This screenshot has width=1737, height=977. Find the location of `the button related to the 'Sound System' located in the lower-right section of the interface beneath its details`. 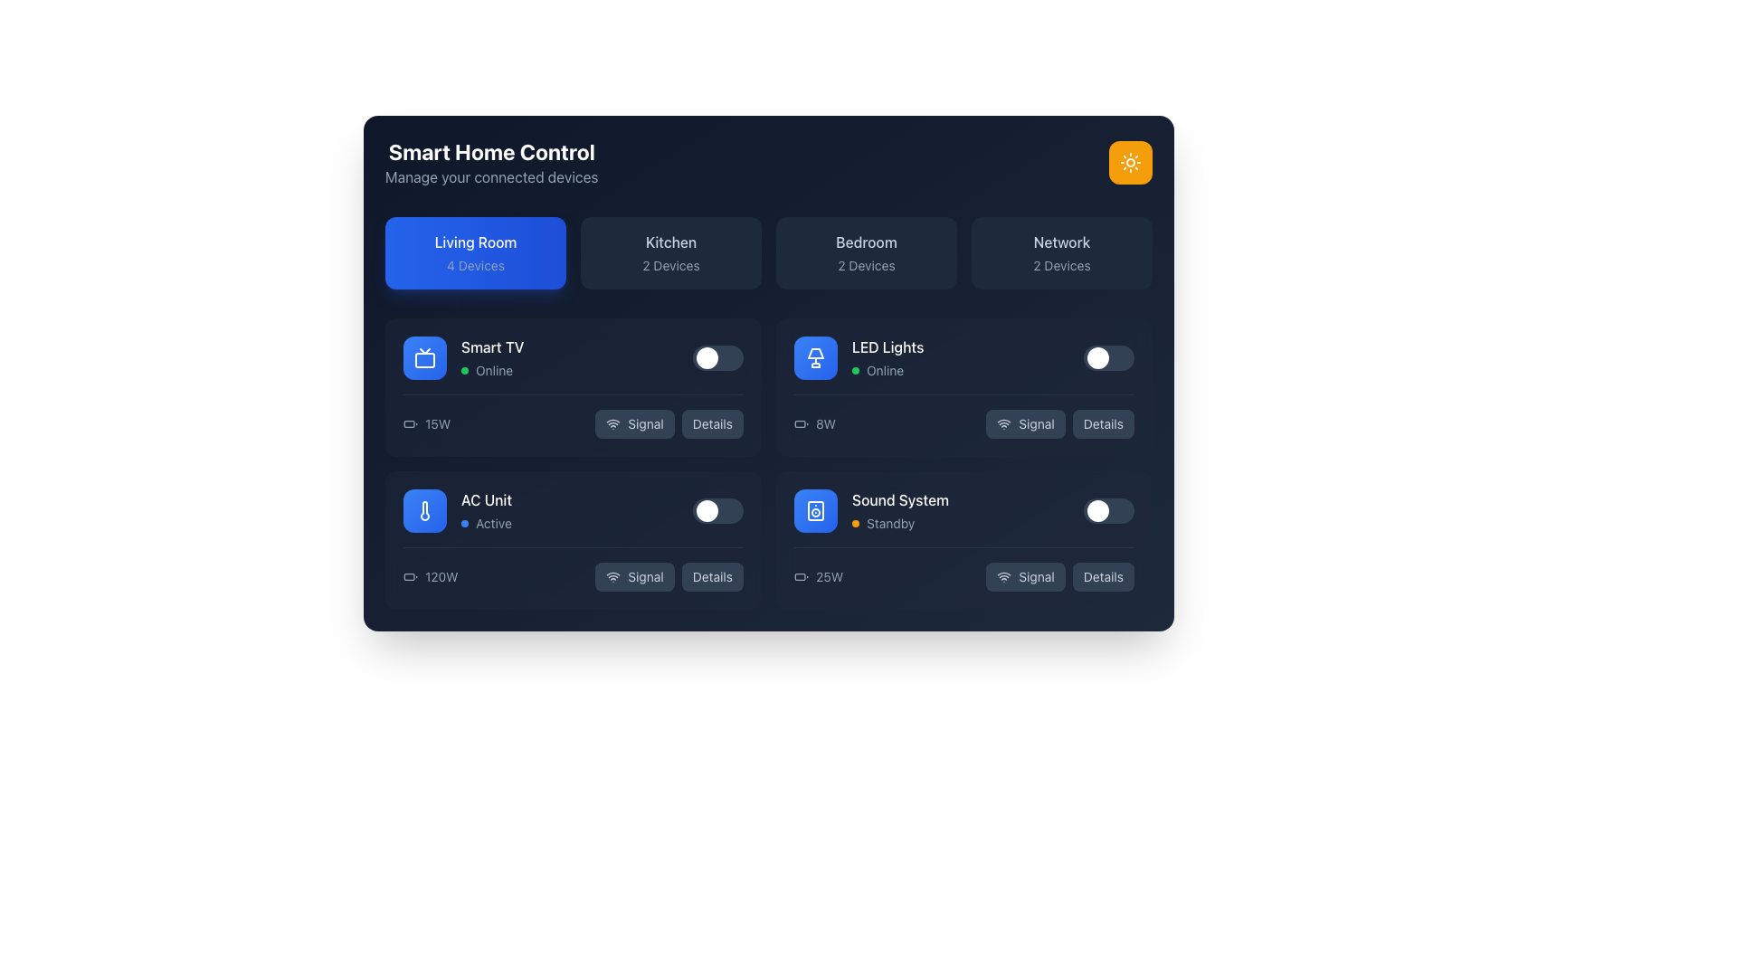

the button related to the 'Sound System' located in the lower-right section of the interface beneath its details is located at coordinates (1025, 576).